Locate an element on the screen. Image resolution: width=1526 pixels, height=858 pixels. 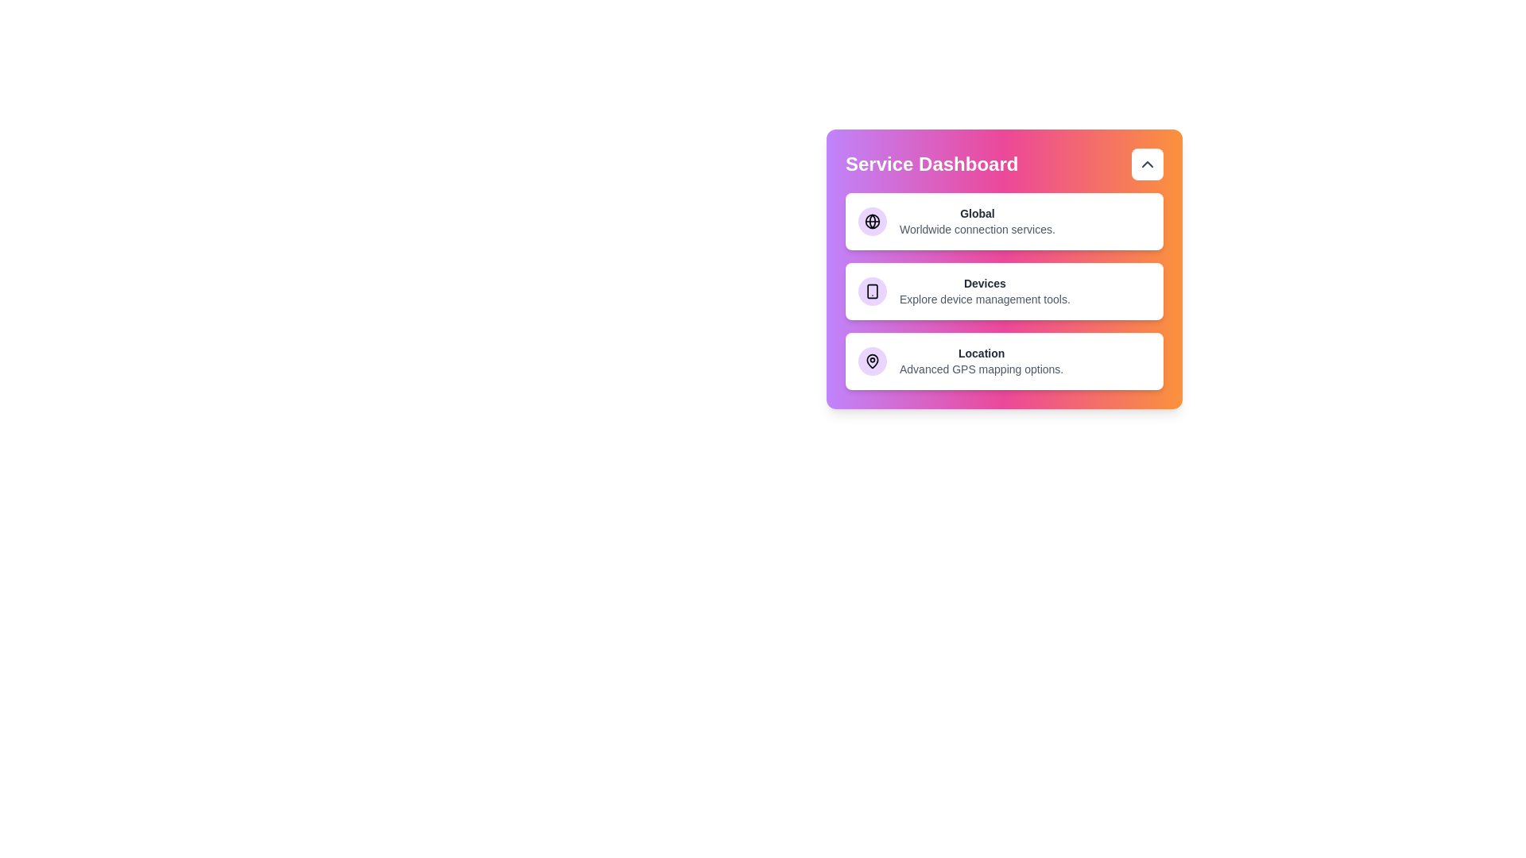
the Global service card to select it is located at coordinates (1003, 221).